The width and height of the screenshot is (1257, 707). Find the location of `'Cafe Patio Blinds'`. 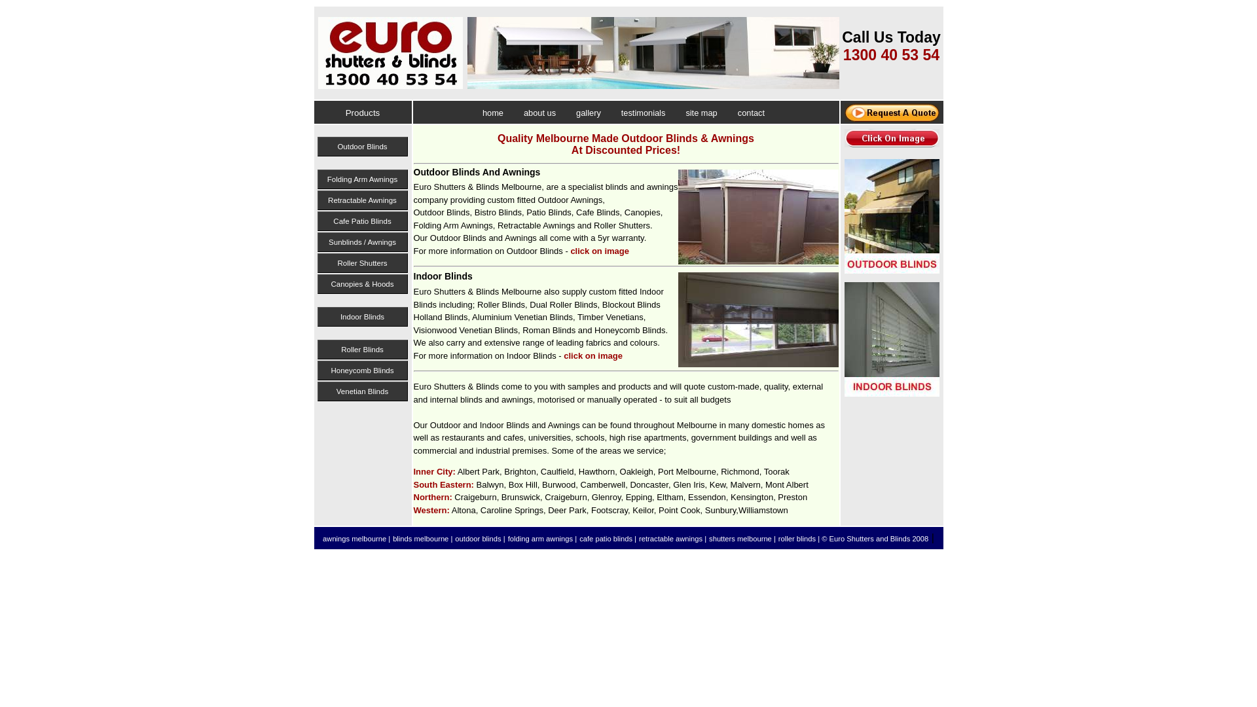

'Cafe Patio Blinds' is located at coordinates (317, 221).